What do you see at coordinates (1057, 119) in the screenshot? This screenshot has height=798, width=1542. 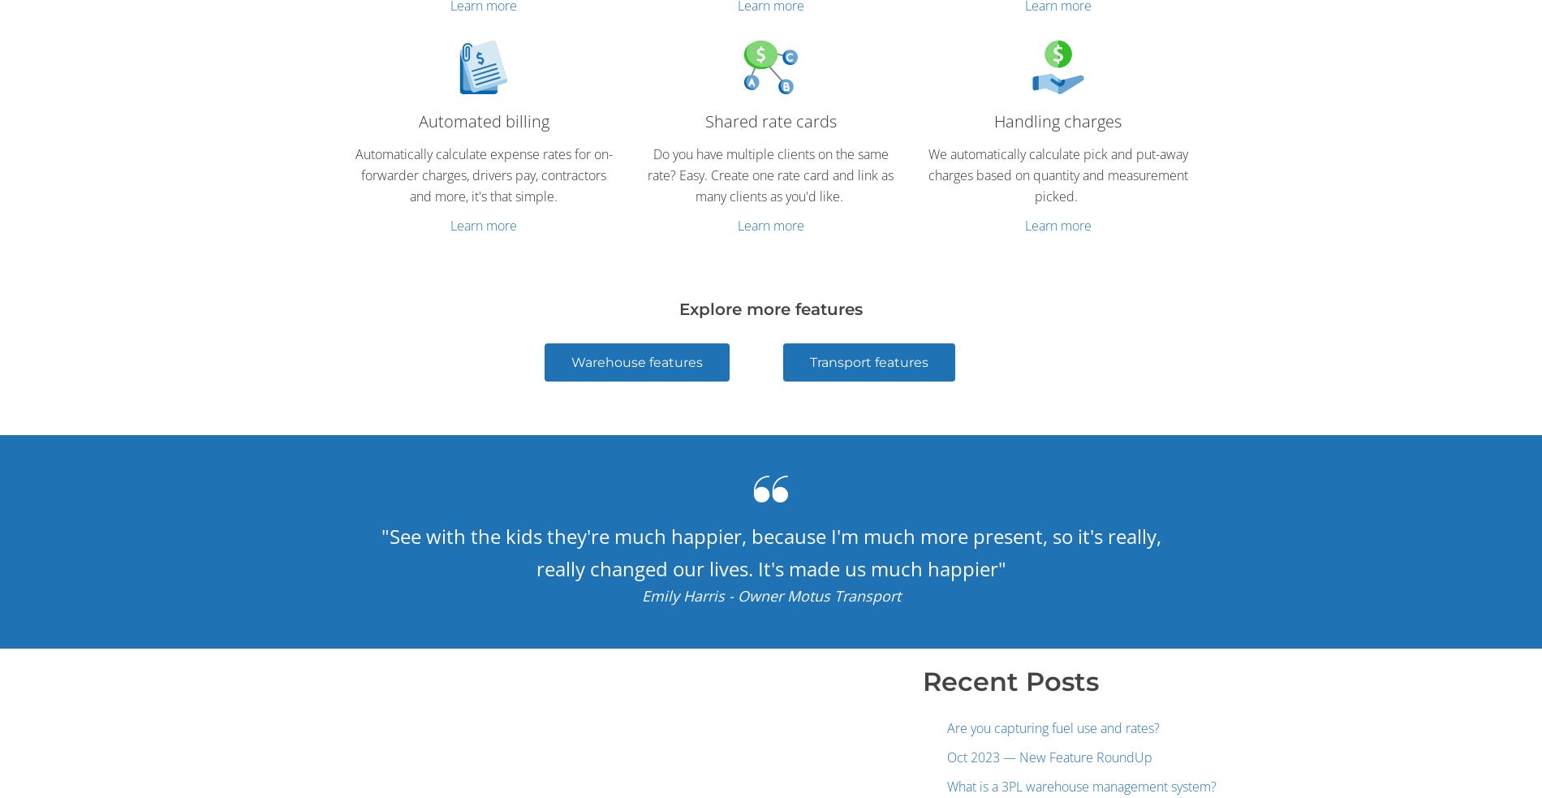 I see `'Handling charges'` at bounding box center [1057, 119].